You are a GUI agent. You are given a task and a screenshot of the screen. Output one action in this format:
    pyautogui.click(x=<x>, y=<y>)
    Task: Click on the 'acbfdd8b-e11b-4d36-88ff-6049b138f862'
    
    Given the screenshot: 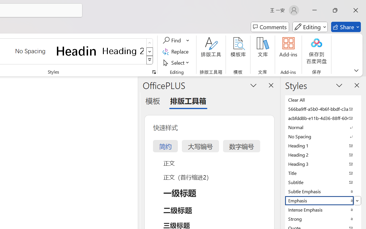 What is the action you would take?
    pyautogui.click(x=323, y=118)
    